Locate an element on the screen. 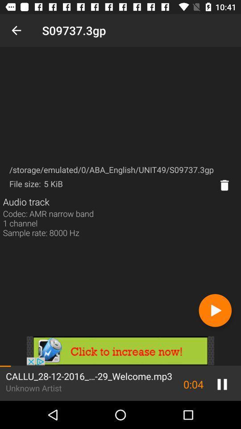 This screenshot has height=429, width=241. play patturn is located at coordinates (215, 310).